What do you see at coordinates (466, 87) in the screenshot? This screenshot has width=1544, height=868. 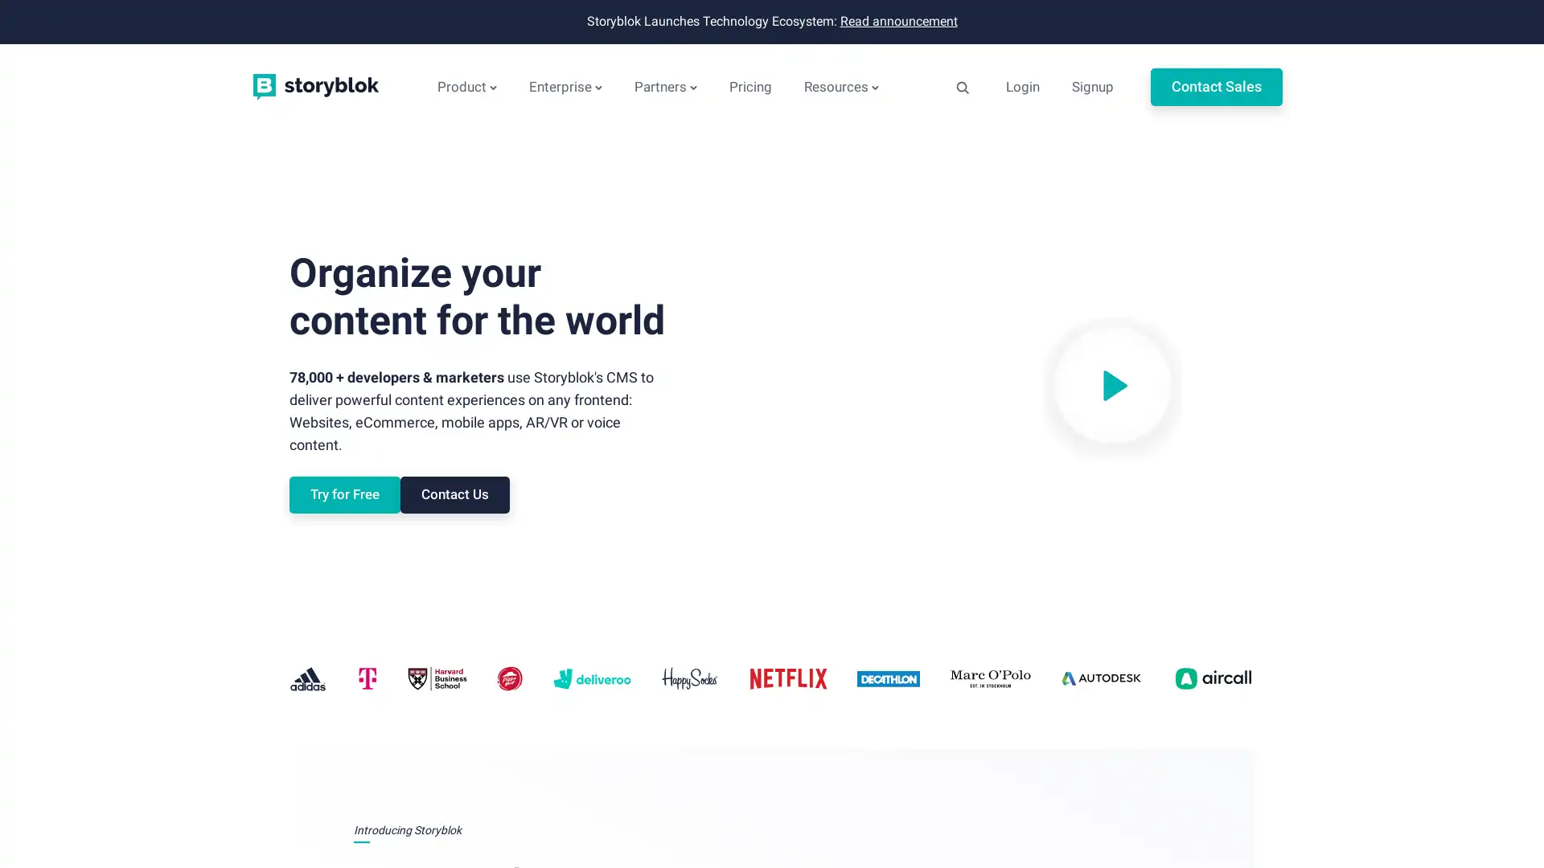 I see `Product` at bounding box center [466, 87].